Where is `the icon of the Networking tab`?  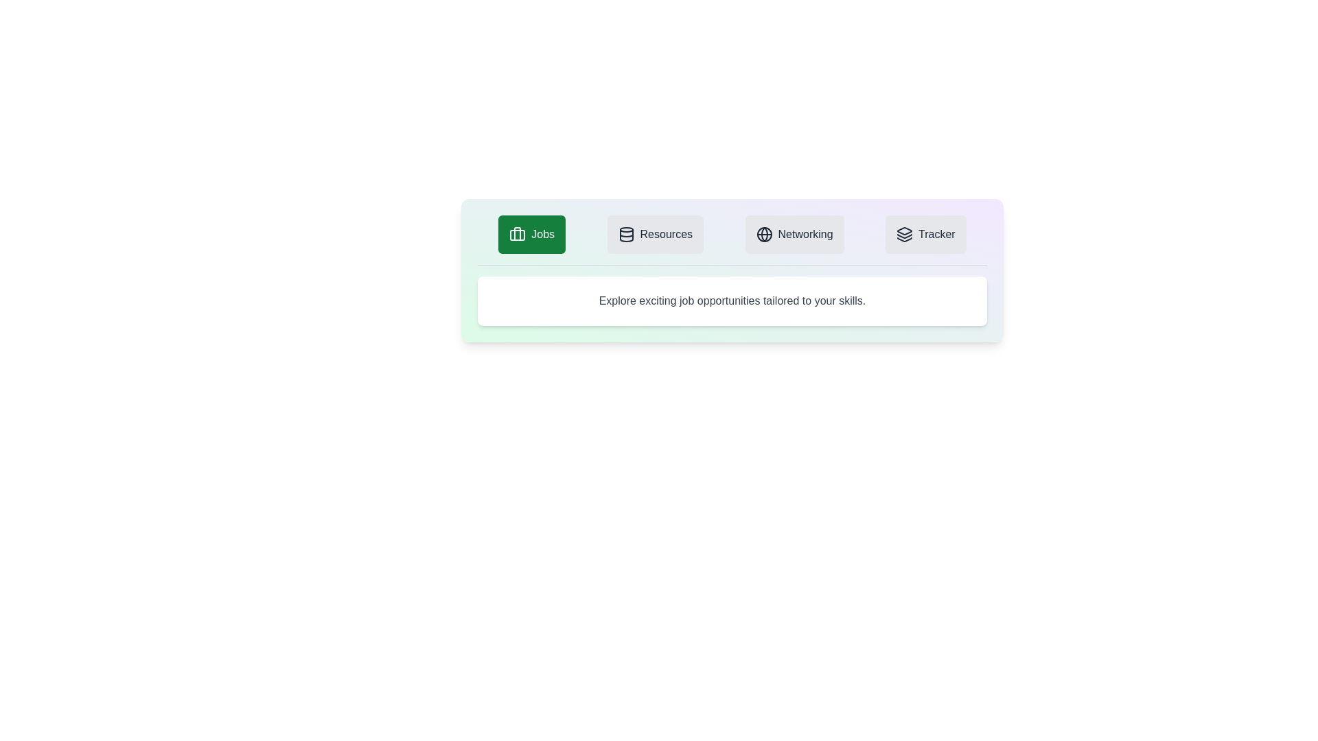 the icon of the Networking tab is located at coordinates (763, 234).